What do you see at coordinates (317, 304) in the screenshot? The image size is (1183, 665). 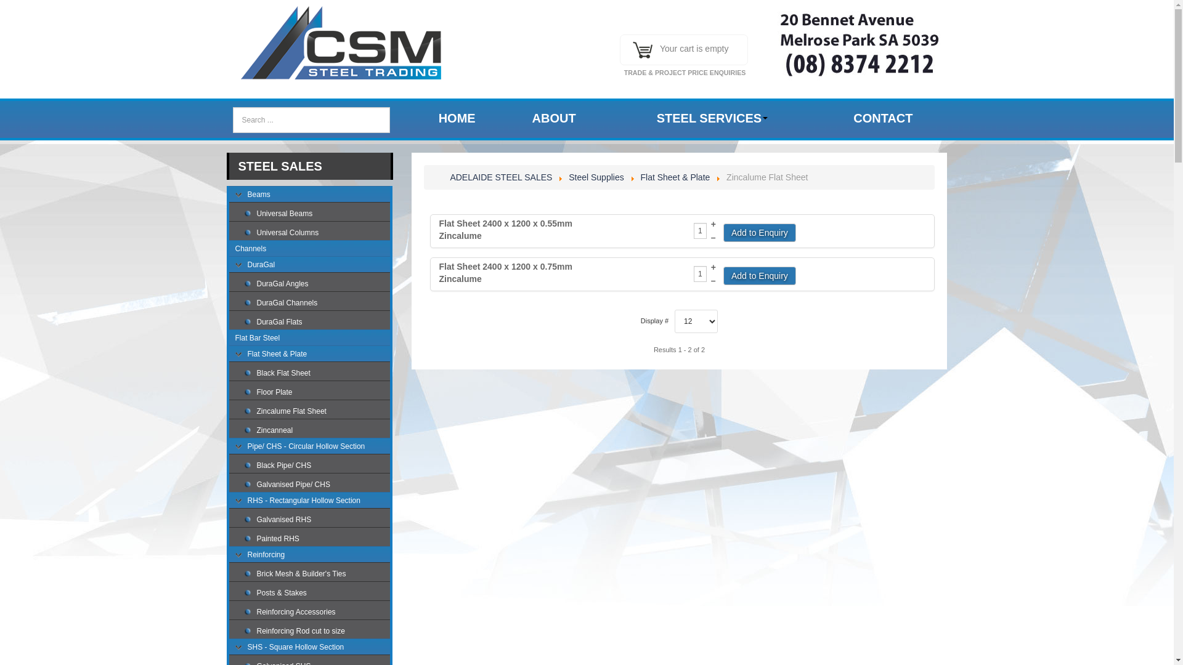 I see `'DuraGal Channels'` at bounding box center [317, 304].